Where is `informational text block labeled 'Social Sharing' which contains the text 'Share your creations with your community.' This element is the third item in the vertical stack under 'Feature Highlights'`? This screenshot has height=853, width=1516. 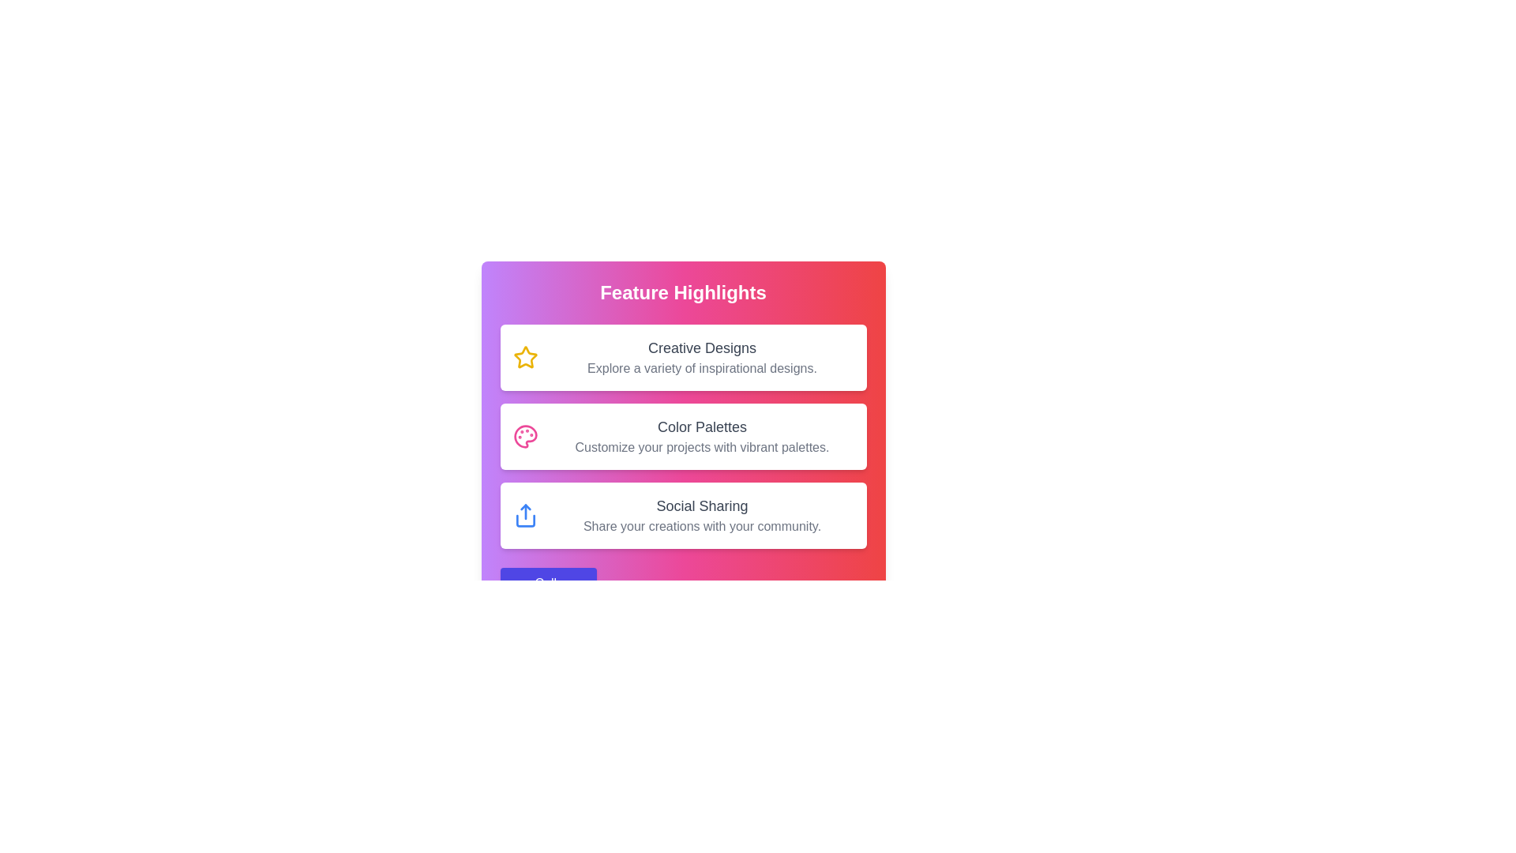
informational text block labeled 'Social Sharing' which contains the text 'Share your creations with your community.' This element is the third item in the vertical stack under 'Feature Highlights' is located at coordinates (701, 515).